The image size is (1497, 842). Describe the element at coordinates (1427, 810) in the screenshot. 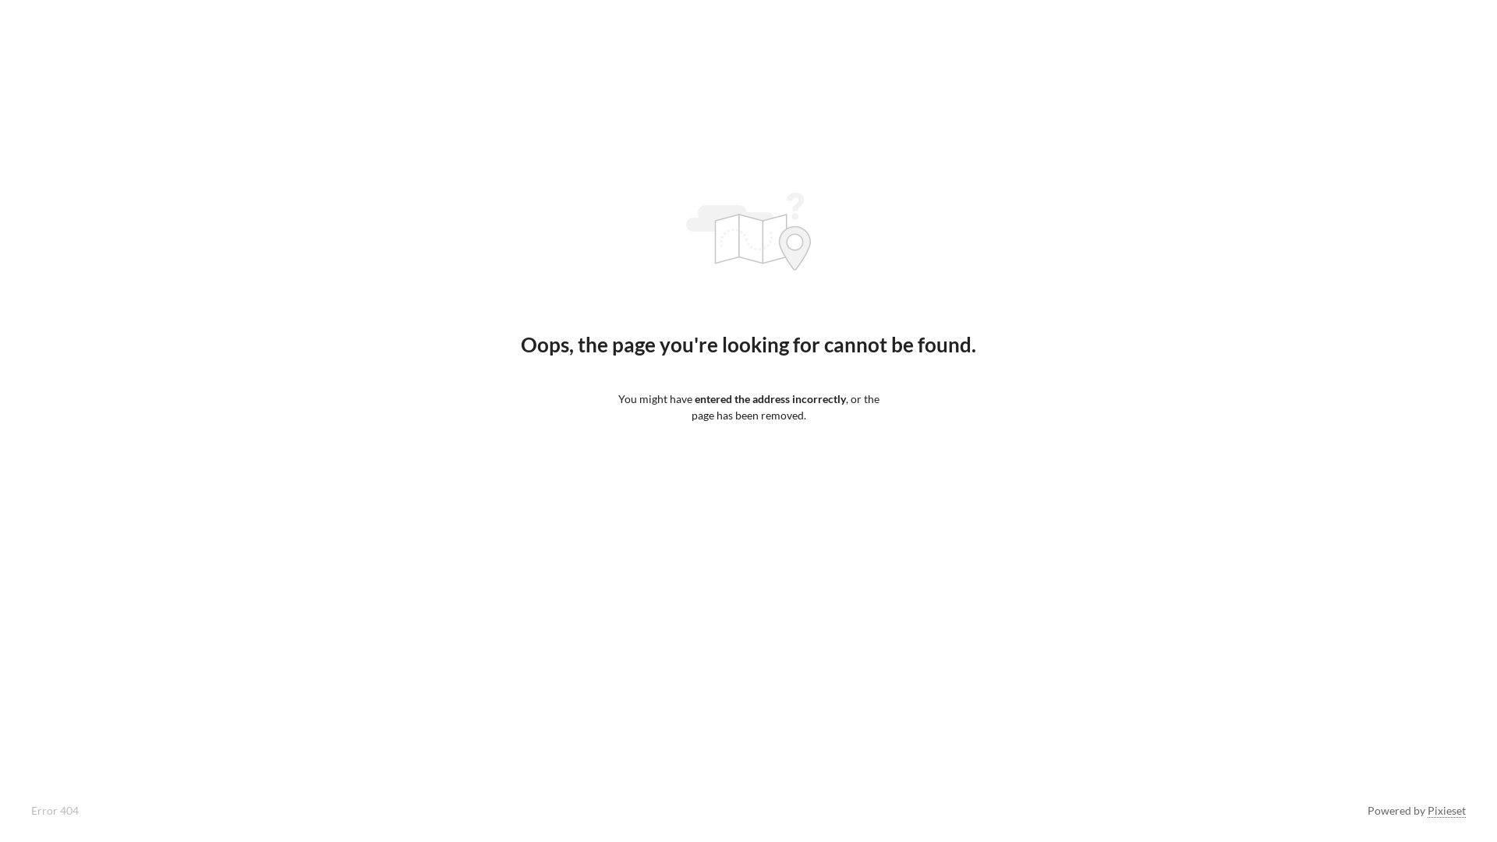

I see `'Pixieset'` at that location.